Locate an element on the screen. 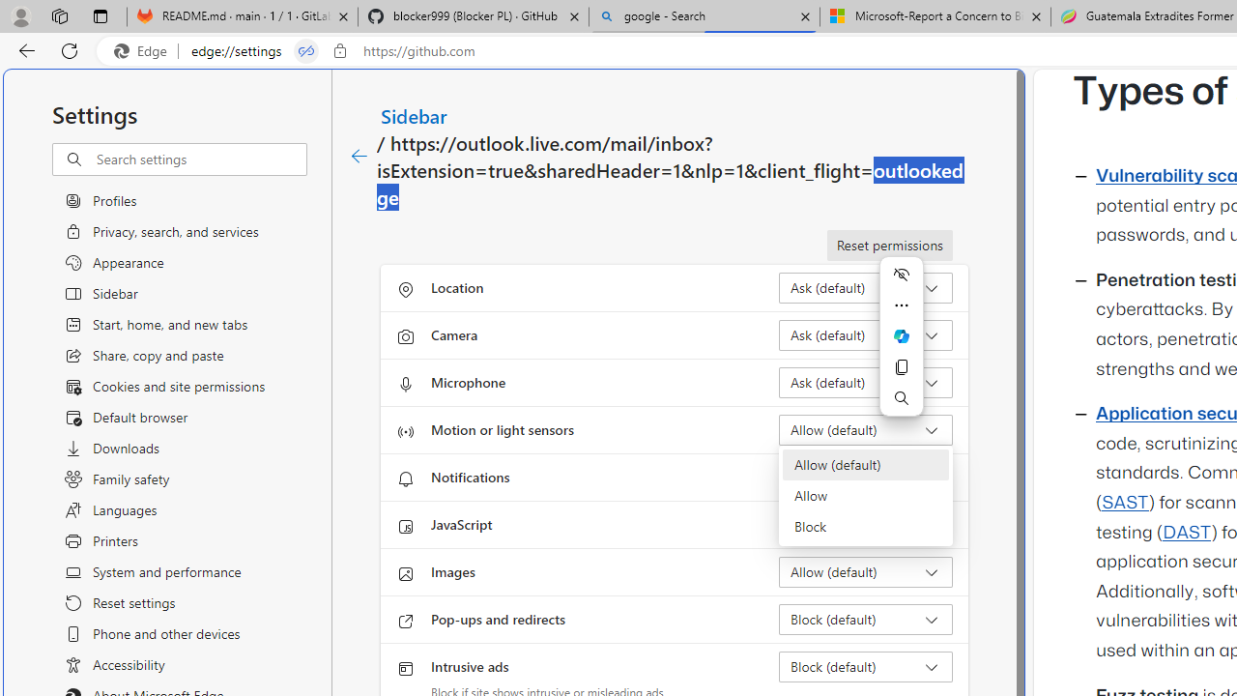  'Notifications Ask (default)' is located at coordinates (865, 477).